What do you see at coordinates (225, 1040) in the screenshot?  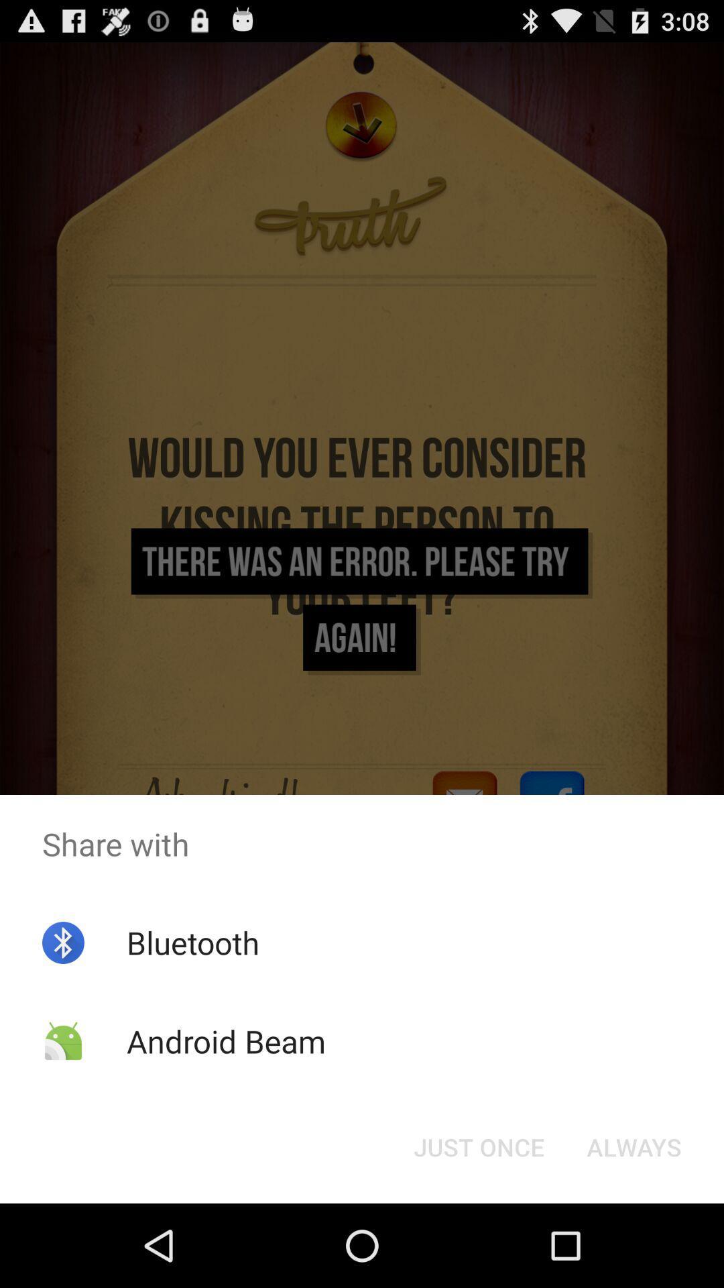 I see `android beam icon` at bounding box center [225, 1040].